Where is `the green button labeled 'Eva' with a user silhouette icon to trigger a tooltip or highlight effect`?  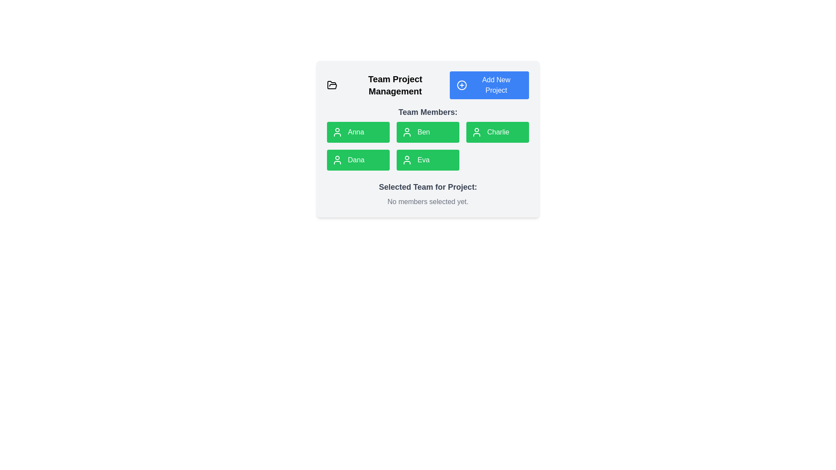
the green button labeled 'Eva' with a user silhouette icon to trigger a tooltip or highlight effect is located at coordinates (428, 160).